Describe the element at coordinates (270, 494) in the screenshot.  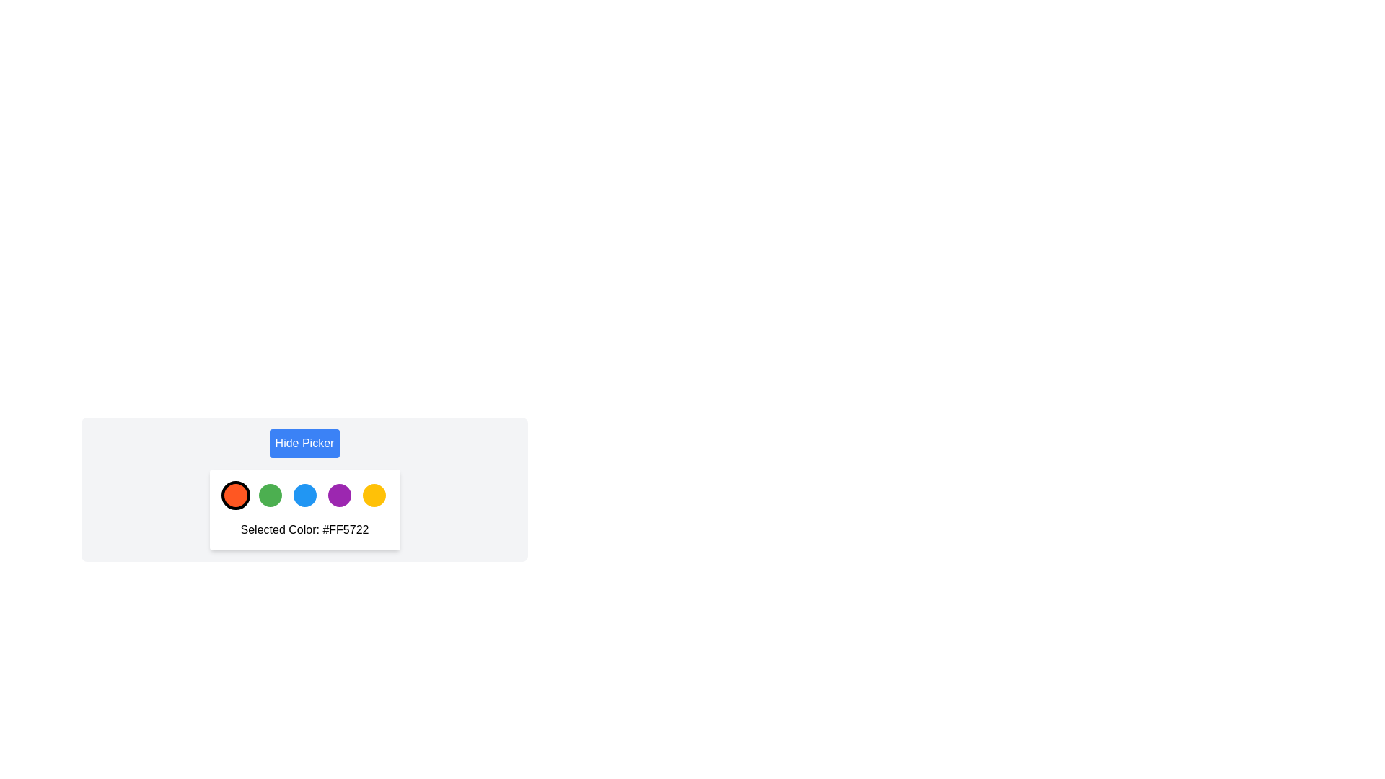
I see `the selectable circle icon with a green background and white border` at that location.